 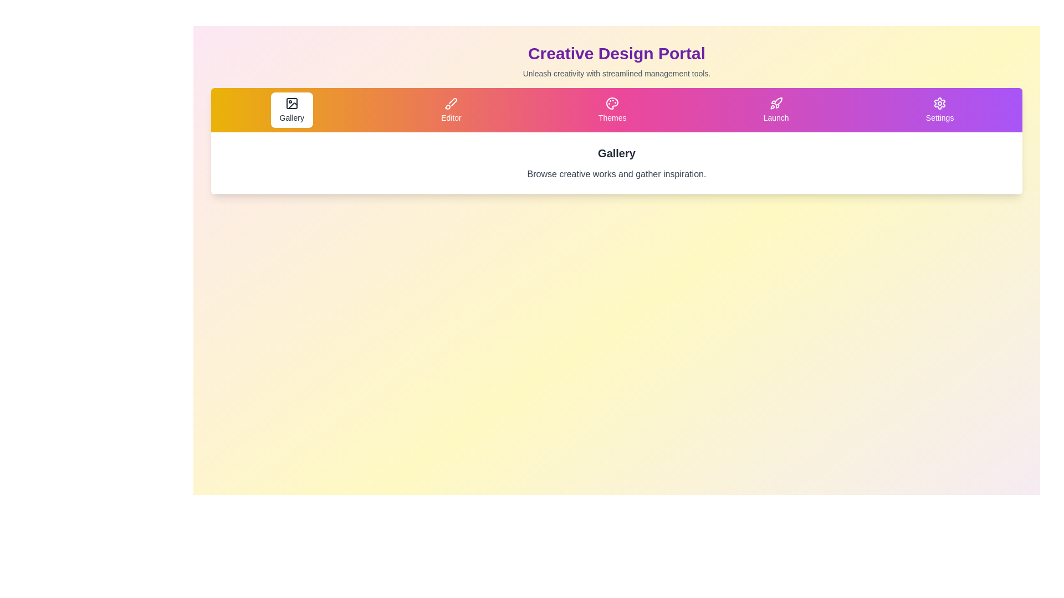 I want to click on the brush icon located in the 'Editor' button group of the navigation bar, which is positioned between the 'Gallery' and 'Themes' sections, so click(x=451, y=103).